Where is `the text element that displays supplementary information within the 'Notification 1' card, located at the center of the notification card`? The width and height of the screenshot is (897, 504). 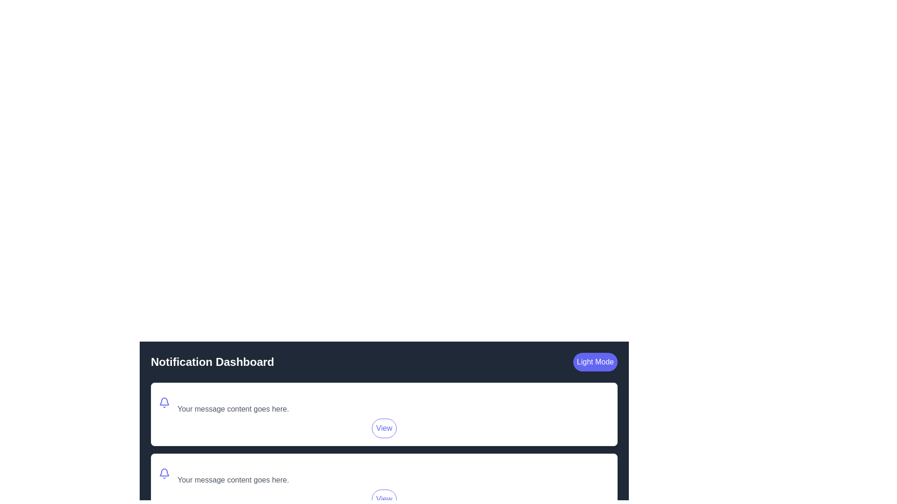
the text element that displays supplementary information within the 'Notification 1' card, located at the center of the notification card is located at coordinates (233, 408).